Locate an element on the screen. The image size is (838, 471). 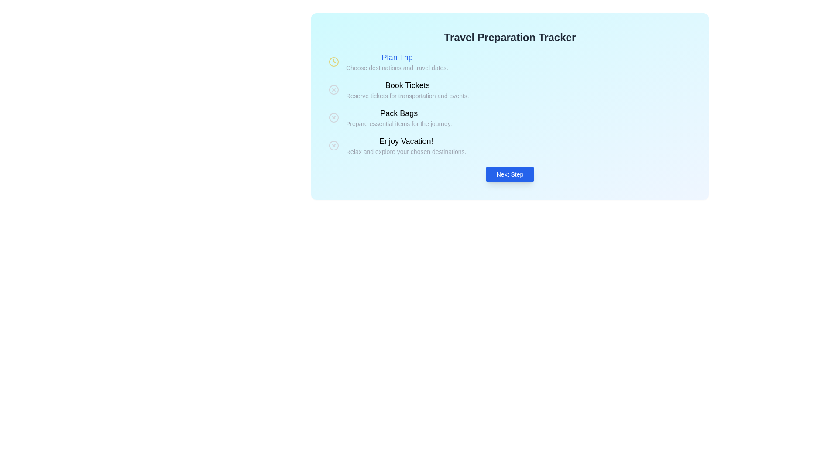
the descriptive text label indicating the current or next step in the travel planning process is located at coordinates (405, 141).